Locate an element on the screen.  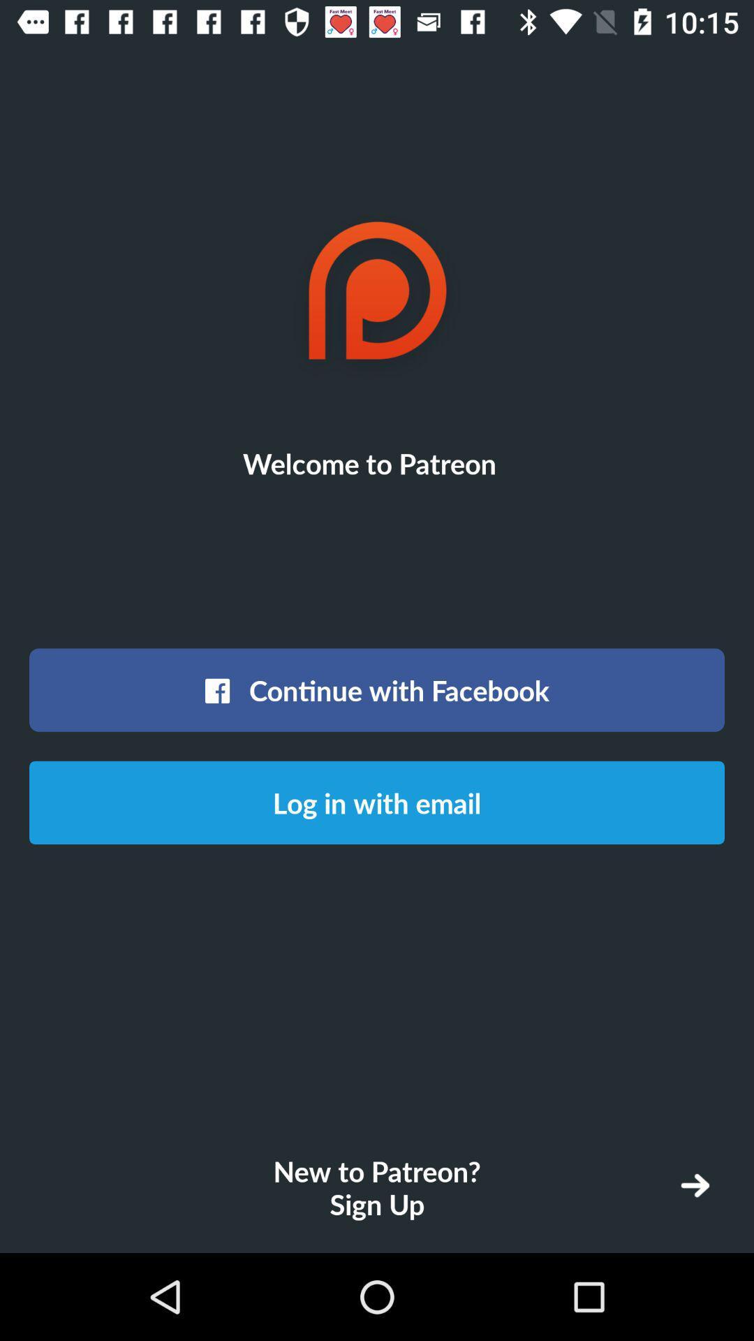
the log in with item is located at coordinates (377, 803).